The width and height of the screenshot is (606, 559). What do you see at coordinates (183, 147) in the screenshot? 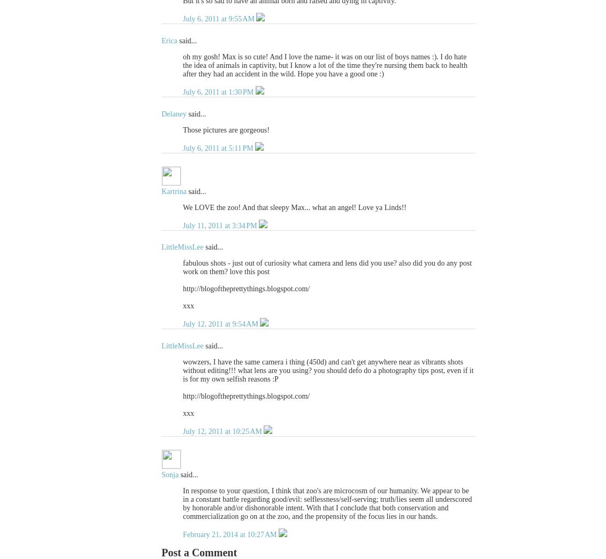
I see `'July 6, 2011 at 5:11 PM'` at bounding box center [183, 147].